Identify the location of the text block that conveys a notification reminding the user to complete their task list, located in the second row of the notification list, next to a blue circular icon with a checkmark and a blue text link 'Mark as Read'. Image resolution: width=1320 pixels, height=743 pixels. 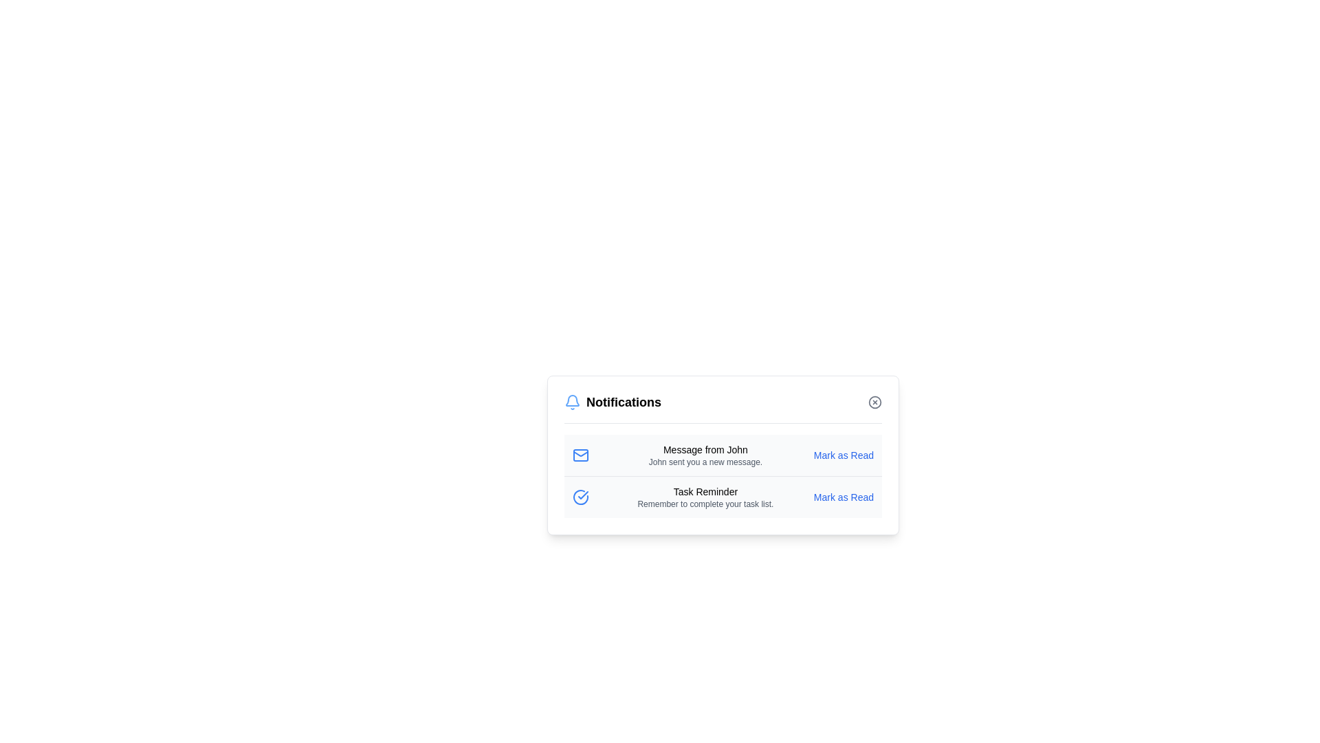
(705, 497).